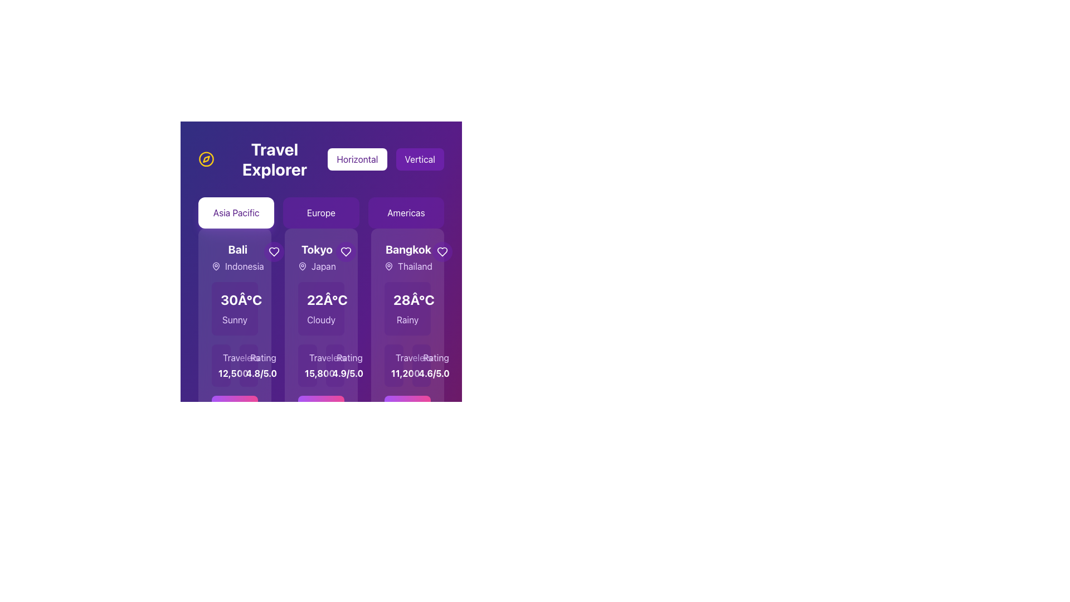 This screenshot has width=1070, height=602. What do you see at coordinates (413, 357) in the screenshot?
I see `the text label indicating the number of travelers associated with the destination 'Bangkok', positioned below the weather and country information and above the traveler's rating metrics` at bounding box center [413, 357].